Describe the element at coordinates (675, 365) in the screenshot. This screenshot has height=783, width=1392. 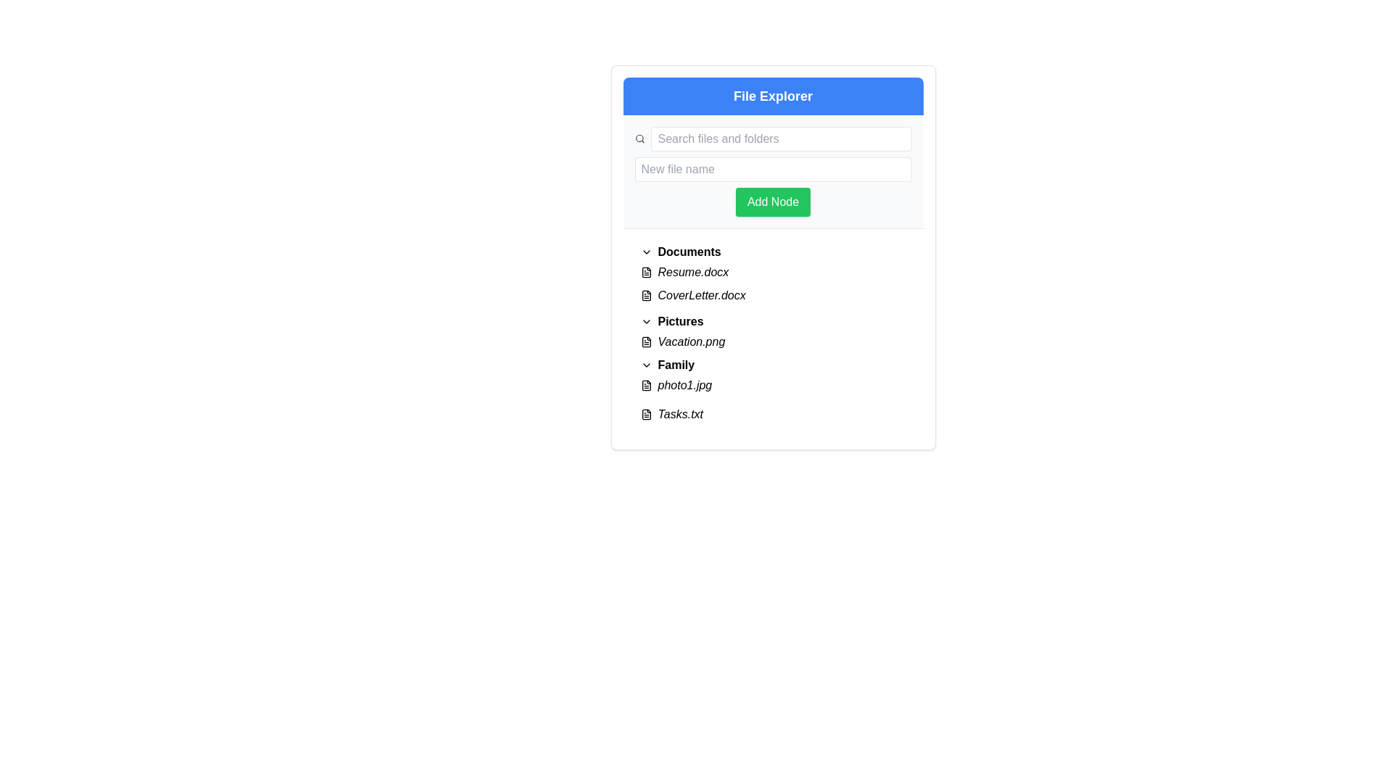
I see `the 'Family' folder within the expanded 'Pictures' folder` at that location.